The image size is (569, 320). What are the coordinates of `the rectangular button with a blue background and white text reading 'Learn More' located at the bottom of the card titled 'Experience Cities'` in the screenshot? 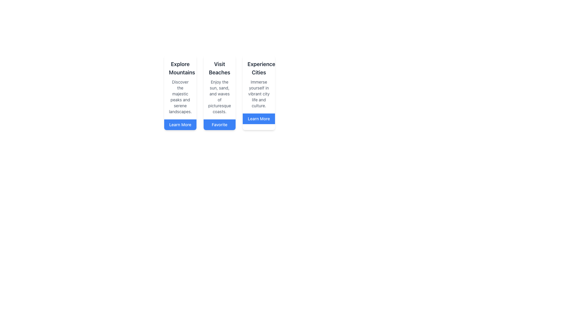 It's located at (259, 119).